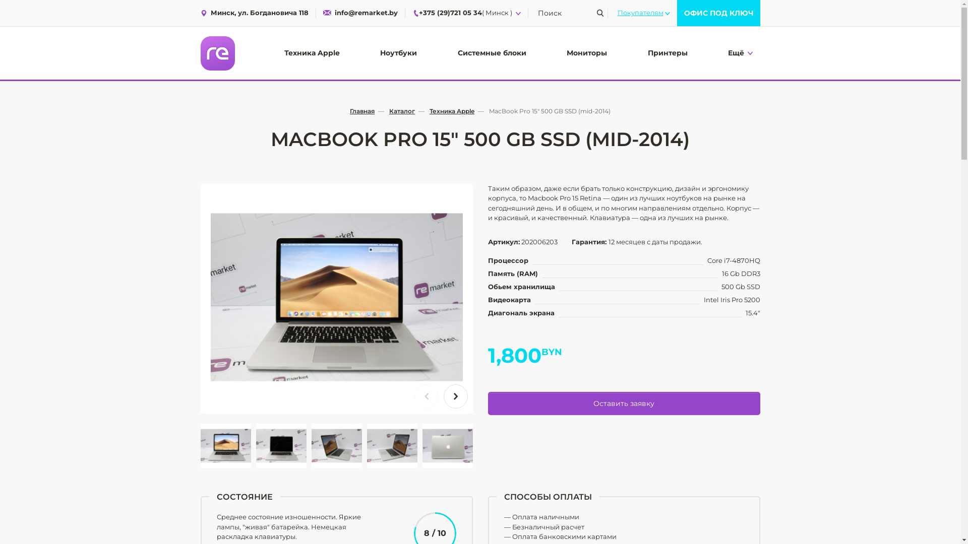 The height and width of the screenshot is (544, 968). Describe the element at coordinates (412, 13) in the screenshot. I see `'+375 (29)` at that location.